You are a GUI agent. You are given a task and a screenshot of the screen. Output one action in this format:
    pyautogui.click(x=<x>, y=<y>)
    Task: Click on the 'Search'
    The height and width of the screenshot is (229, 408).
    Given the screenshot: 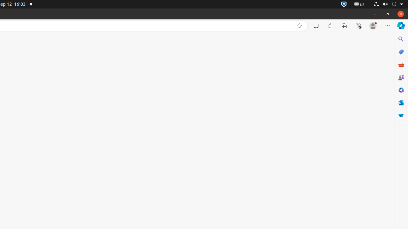 What is the action you would take?
    pyautogui.click(x=400, y=39)
    